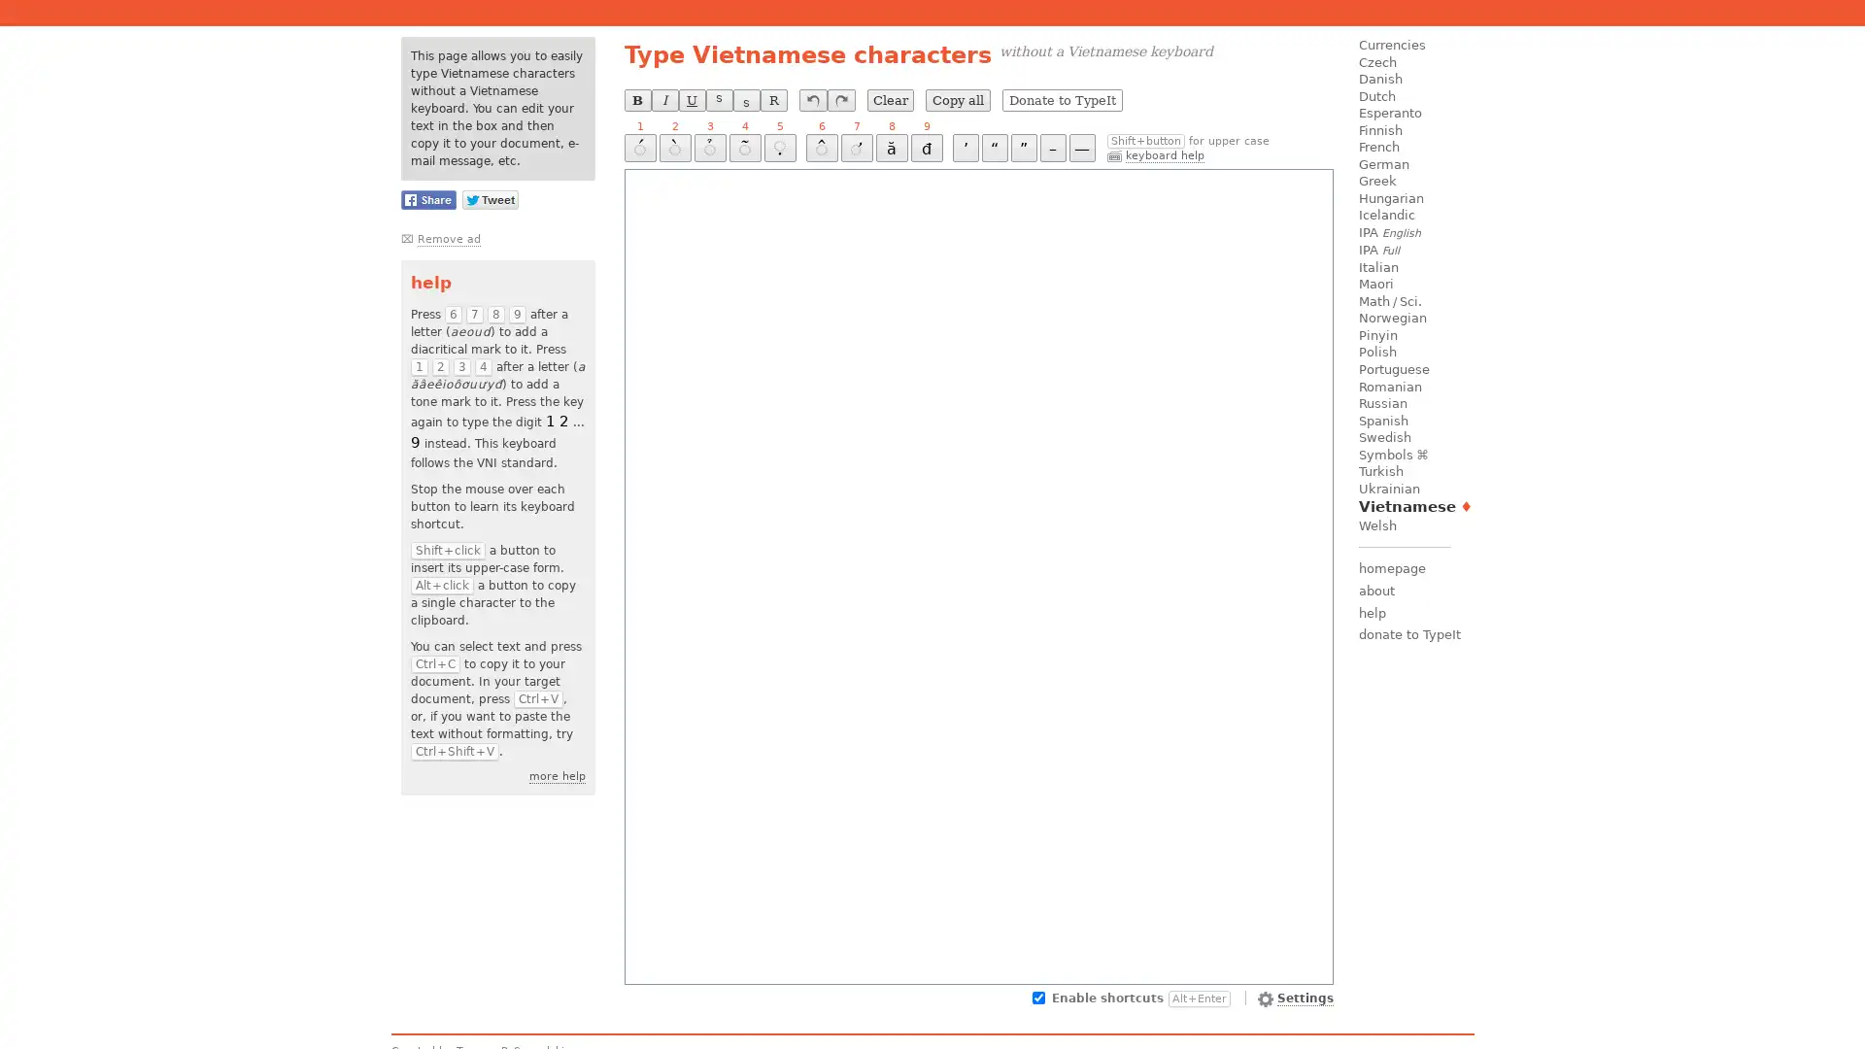 Image resolution: width=1865 pixels, height=1049 pixels. I want to click on 7, so click(855, 147).